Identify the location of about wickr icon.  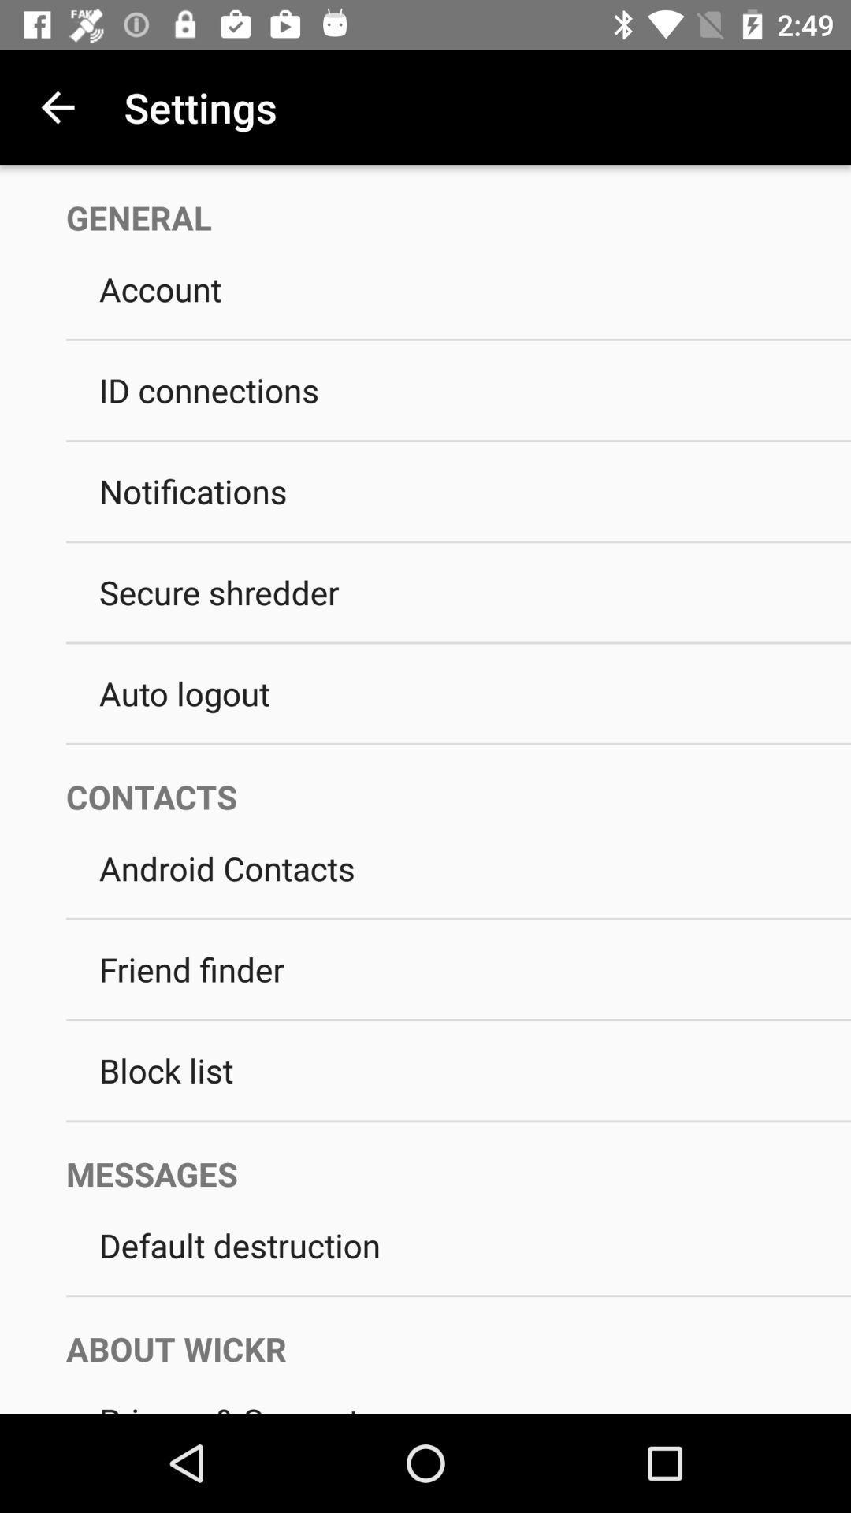
(441, 1333).